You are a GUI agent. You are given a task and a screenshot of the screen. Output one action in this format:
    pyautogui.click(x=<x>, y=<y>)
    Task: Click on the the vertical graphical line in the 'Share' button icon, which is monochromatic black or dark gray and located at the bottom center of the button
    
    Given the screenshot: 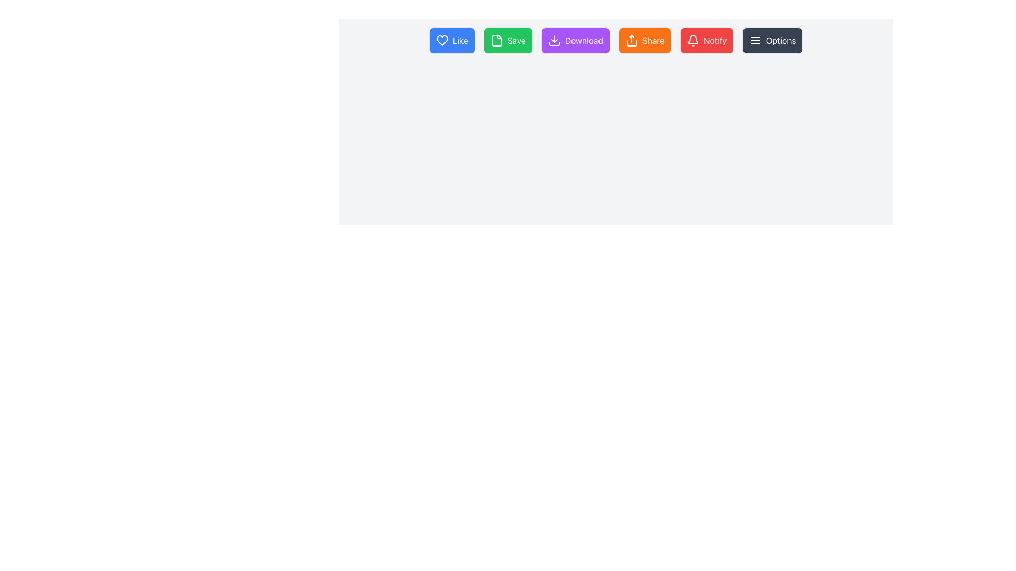 What is the action you would take?
    pyautogui.click(x=631, y=42)
    